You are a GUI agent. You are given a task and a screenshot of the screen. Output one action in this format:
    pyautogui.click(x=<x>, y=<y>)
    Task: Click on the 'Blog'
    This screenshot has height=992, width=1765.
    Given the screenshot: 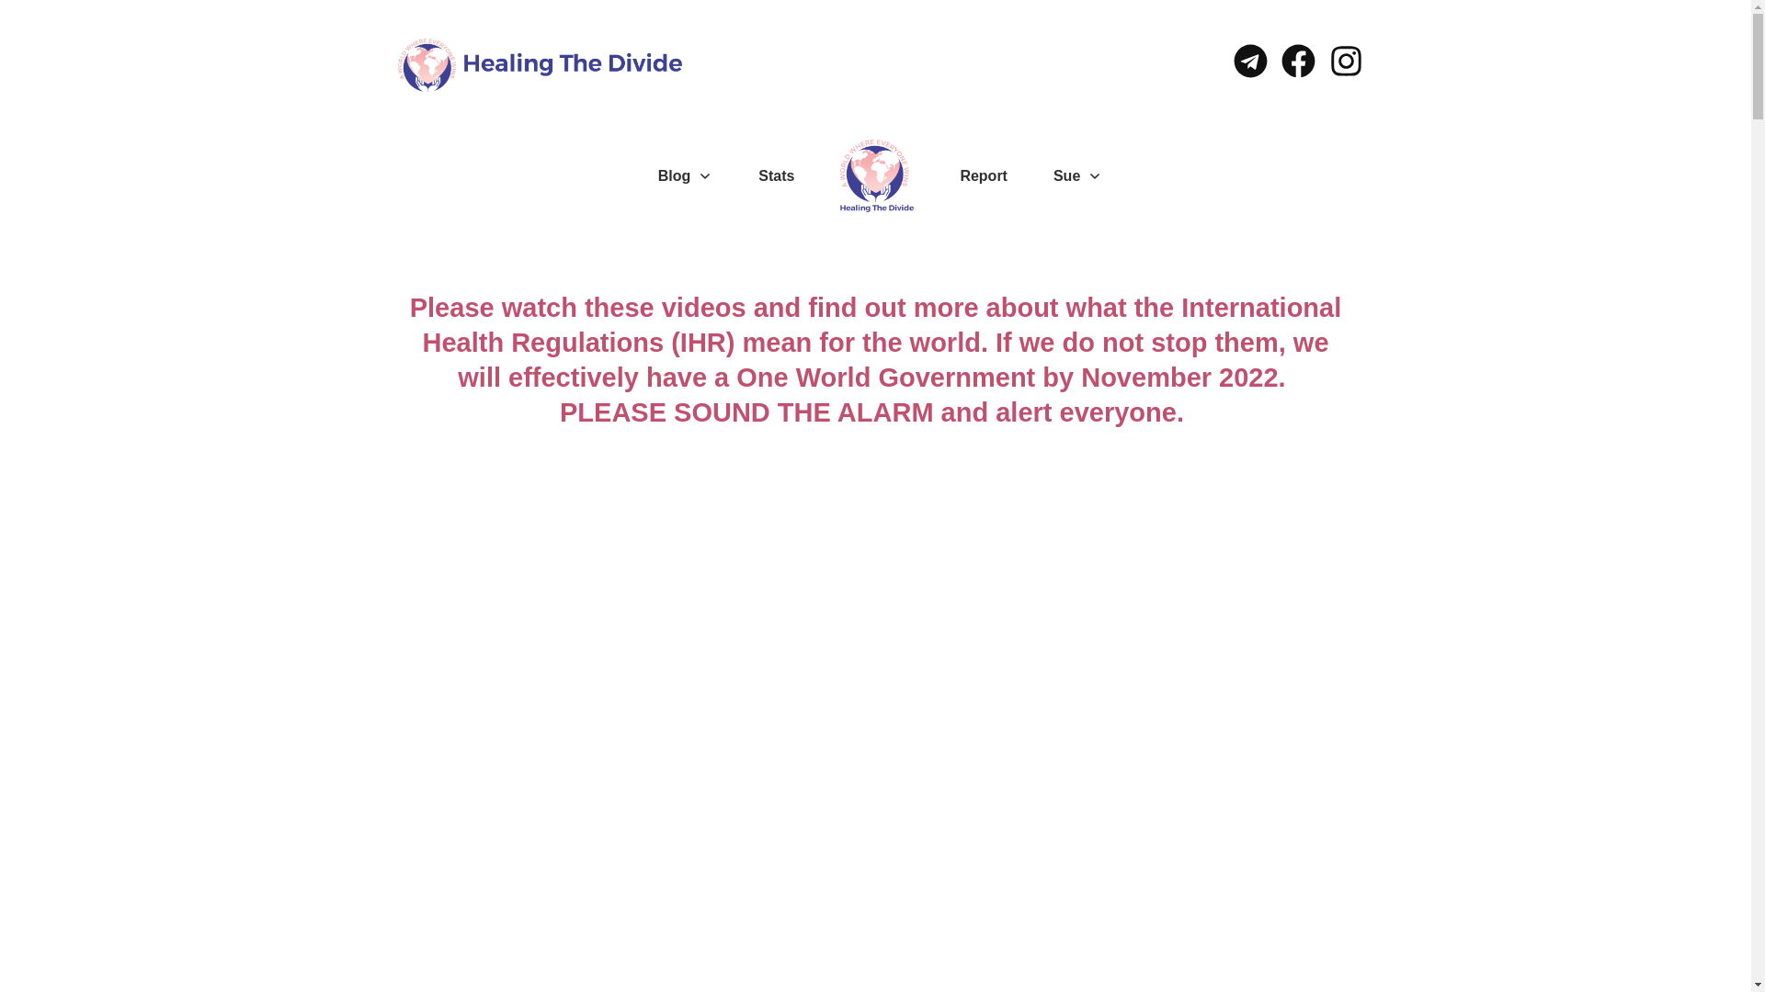 What is the action you would take?
    pyautogui.click(x=684, y=176)
    